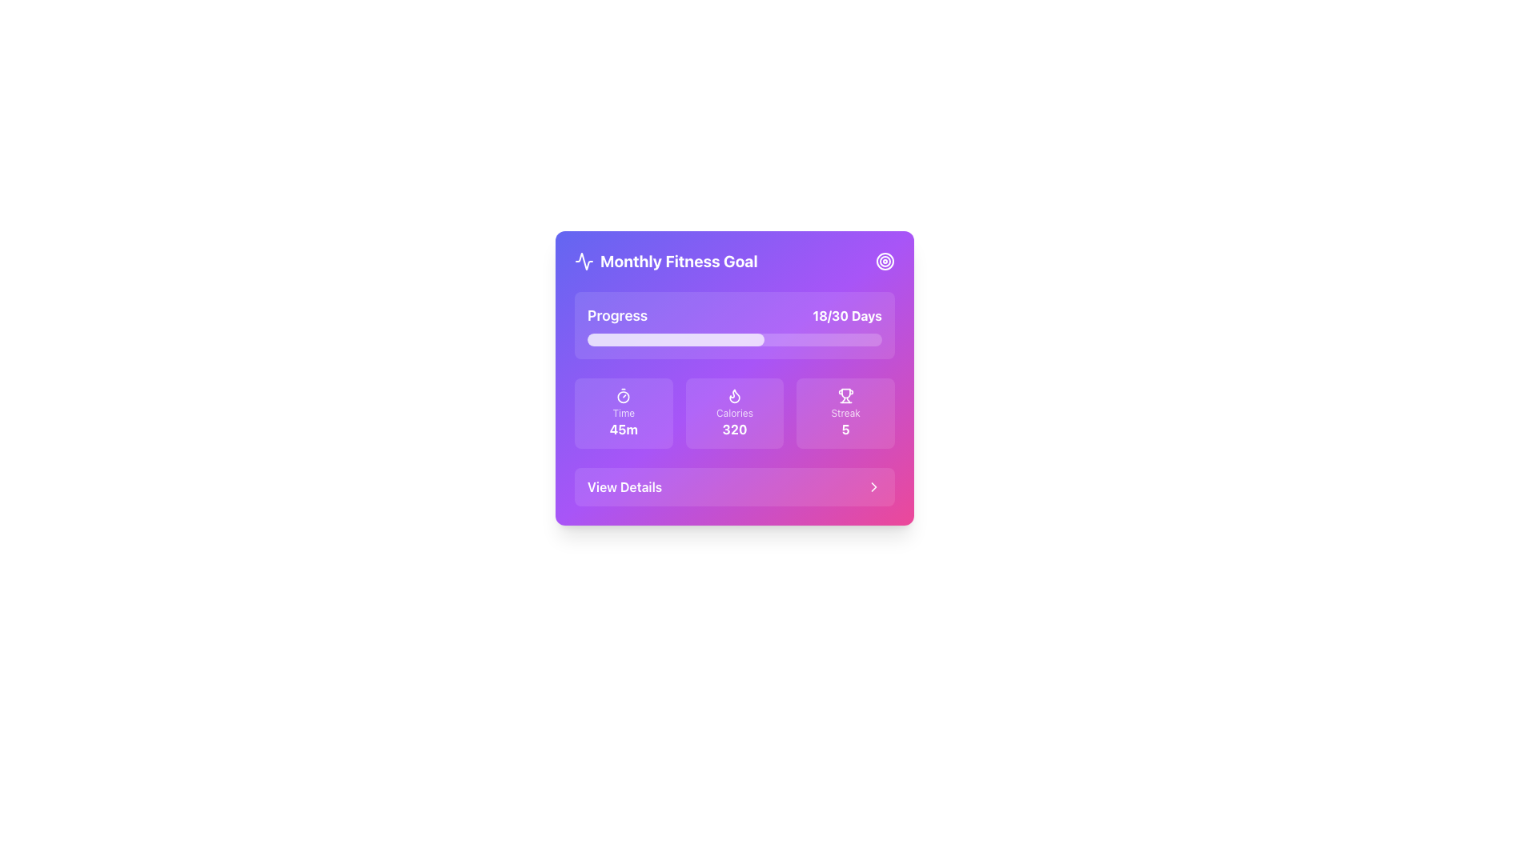  Describe the element at coordinates (624, 486) in the screenshot. I see `the 'View Details' text within the button to initiate navigation or action` at that location.